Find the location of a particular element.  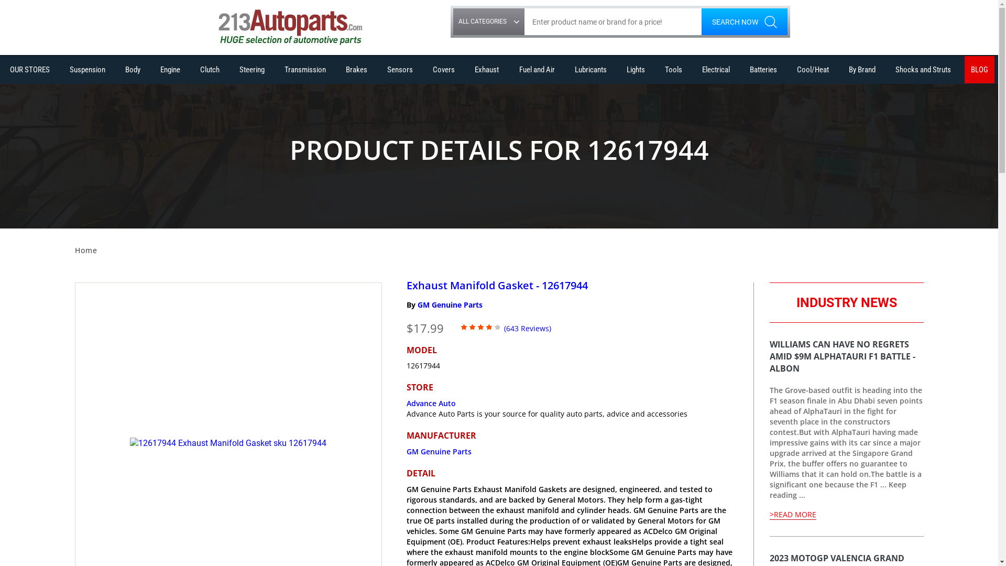

'Tools' is located at coordinates (658, 69).